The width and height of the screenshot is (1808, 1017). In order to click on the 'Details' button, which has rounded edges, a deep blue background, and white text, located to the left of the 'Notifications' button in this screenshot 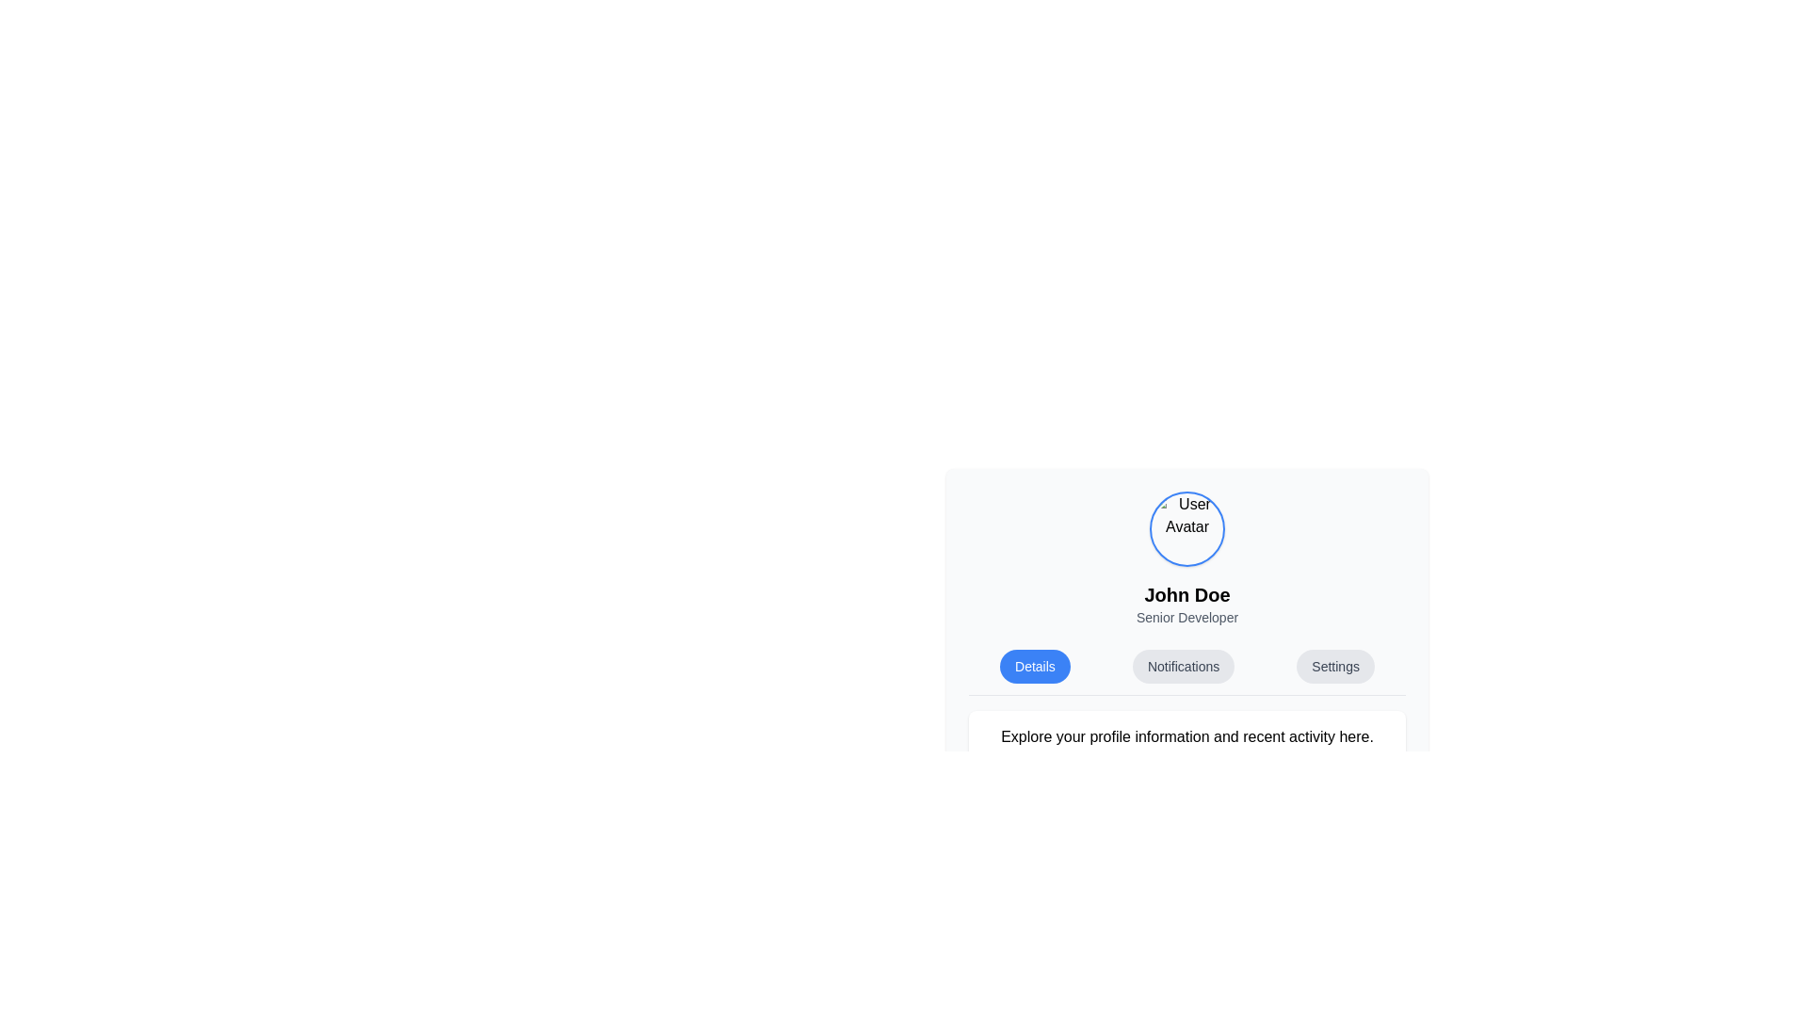, I will do `click(1034, 666)`.